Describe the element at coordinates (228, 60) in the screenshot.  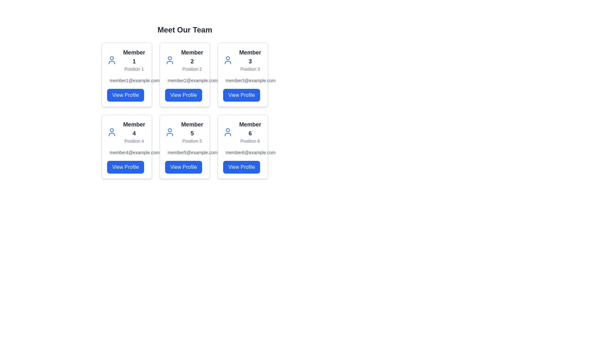
I see `the profile icon for 'Member 3' located in the top-right segment of the card layout` at that location.